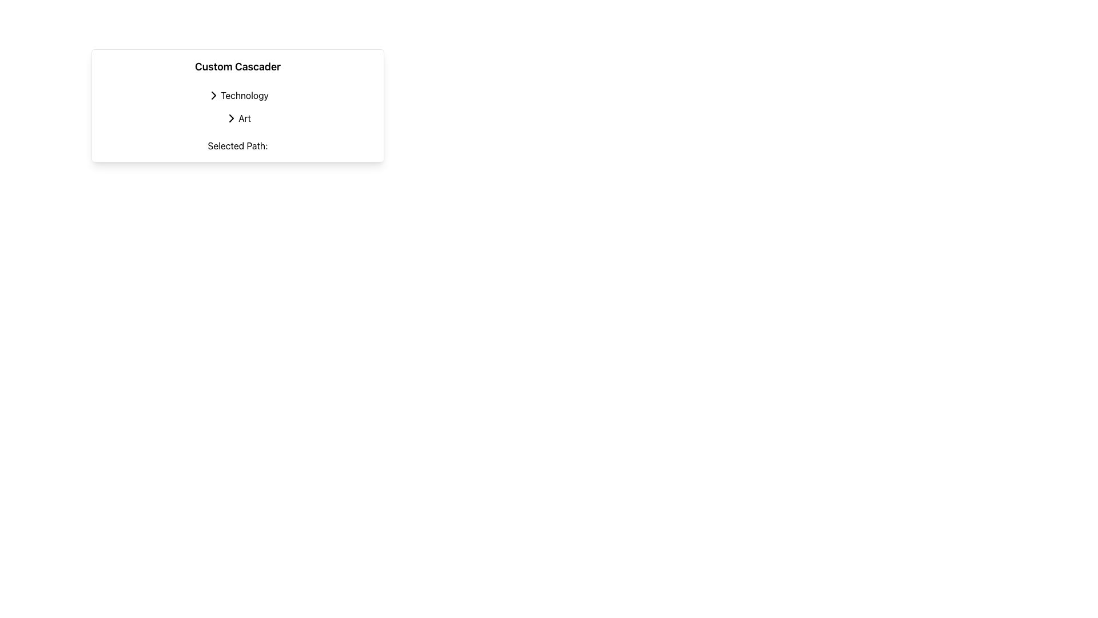 Image resolution: width=1098 pixels, height=618 pixels. I want to click on the rightward chevron icon located to the right of the 'Art' label in the dropdown menu under the 'Custom Cascader' header, so click(214, 94).